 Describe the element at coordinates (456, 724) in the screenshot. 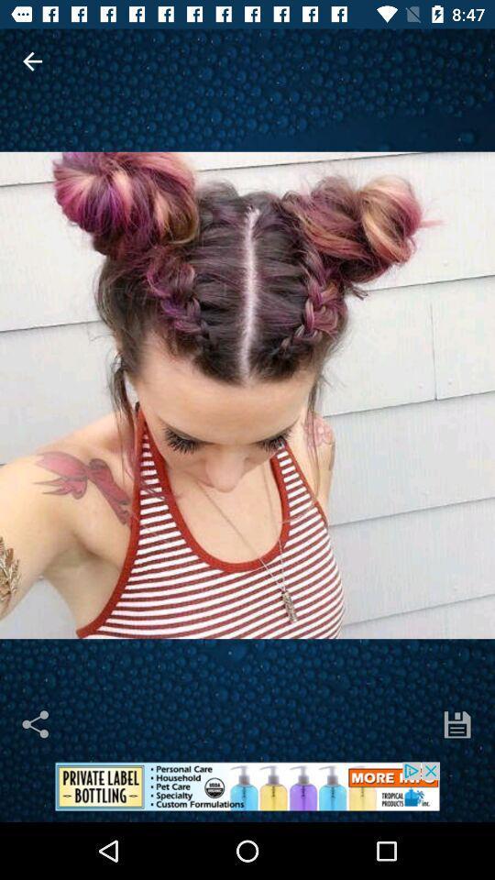

I see `the save icon` at that location.